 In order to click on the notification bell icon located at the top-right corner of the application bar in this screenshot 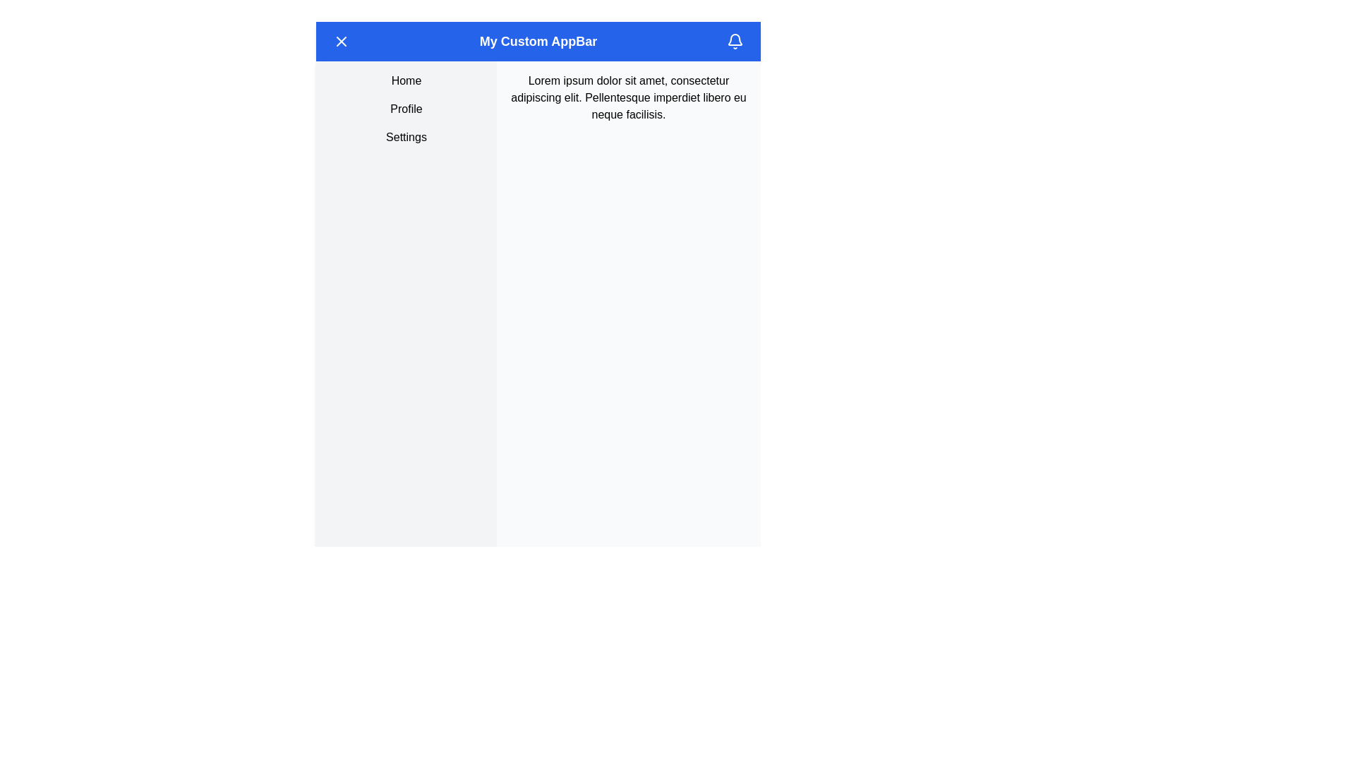, I will do `click(734, 40)`.